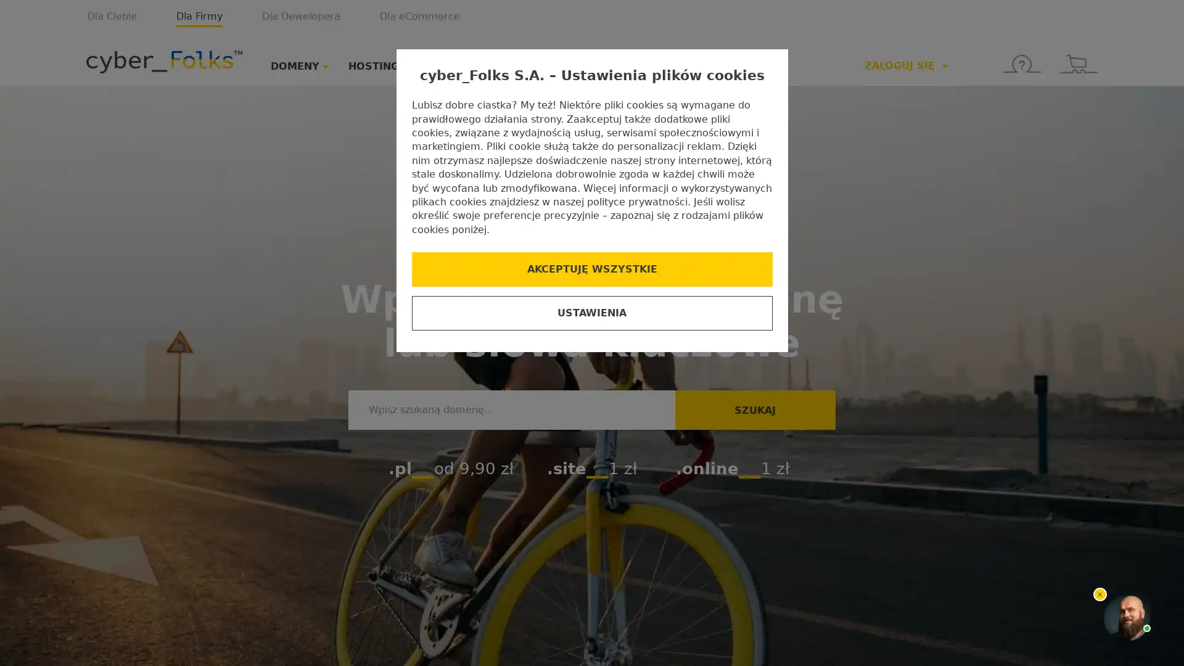 This screenshot has width=1184, height=666. Describe the element at coordinates (754, 409) in the screenshot. I see `SZUKAJ` at that location.